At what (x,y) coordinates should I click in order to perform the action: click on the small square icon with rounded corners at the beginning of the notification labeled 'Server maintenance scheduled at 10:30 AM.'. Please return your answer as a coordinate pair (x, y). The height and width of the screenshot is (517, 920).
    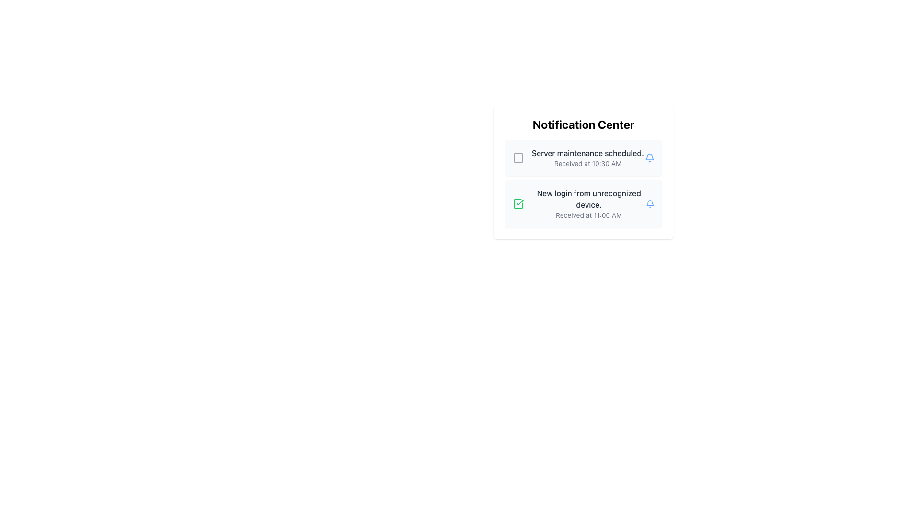
    Looking at the image, I should click on (517, 157).